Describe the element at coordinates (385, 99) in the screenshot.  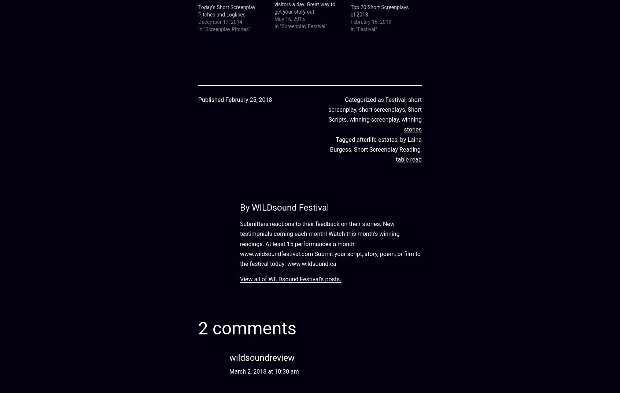
I see `'Festival'` at that location.